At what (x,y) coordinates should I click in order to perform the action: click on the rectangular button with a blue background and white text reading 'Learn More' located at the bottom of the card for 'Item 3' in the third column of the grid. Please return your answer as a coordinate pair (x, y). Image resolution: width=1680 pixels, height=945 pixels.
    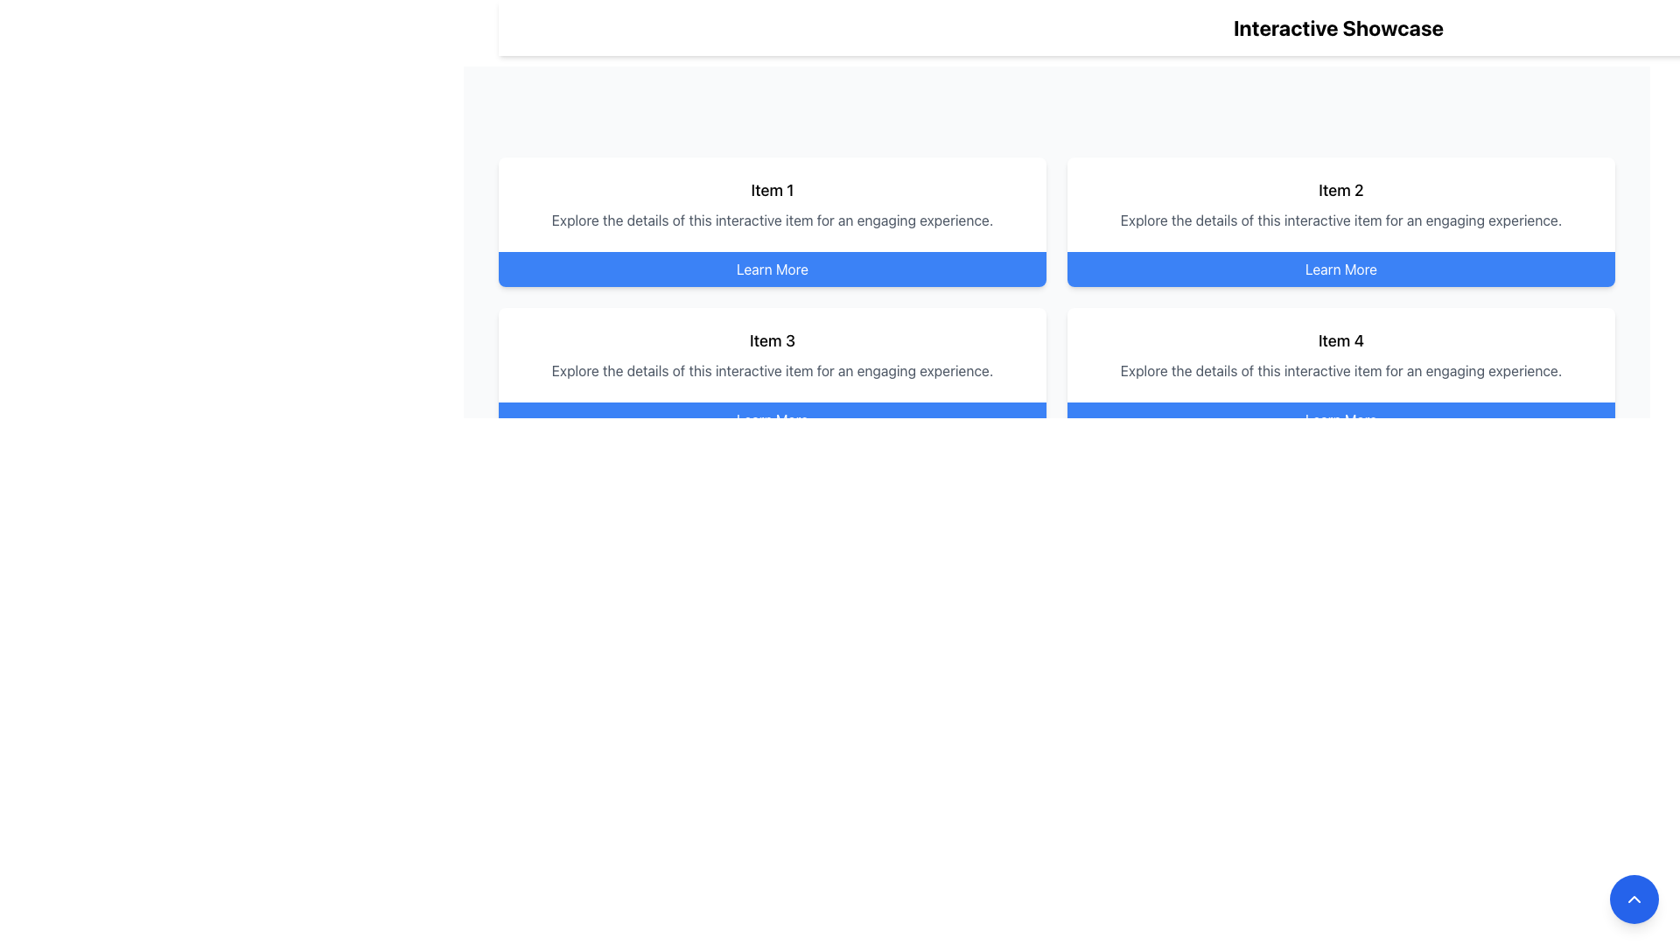
    Looking at the image, I should click on (772, 419).